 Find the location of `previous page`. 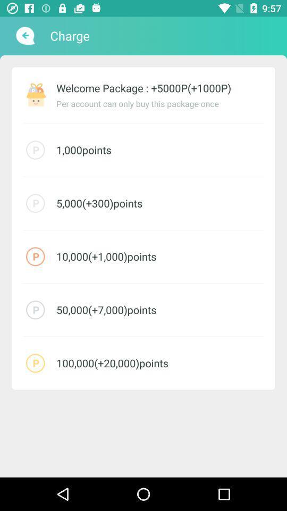

previous page is located at coordinates (24, 36).